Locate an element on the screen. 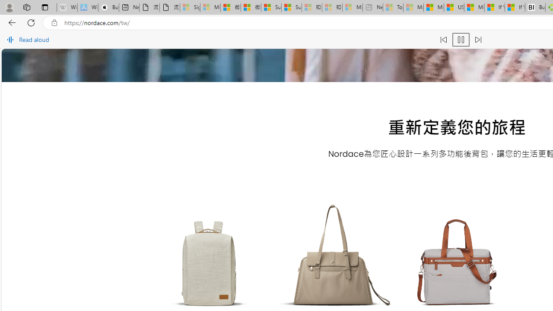 This screenshot has height=311, width=553. 'Buy iPad - Apple' is located at coordinates (108, 7).